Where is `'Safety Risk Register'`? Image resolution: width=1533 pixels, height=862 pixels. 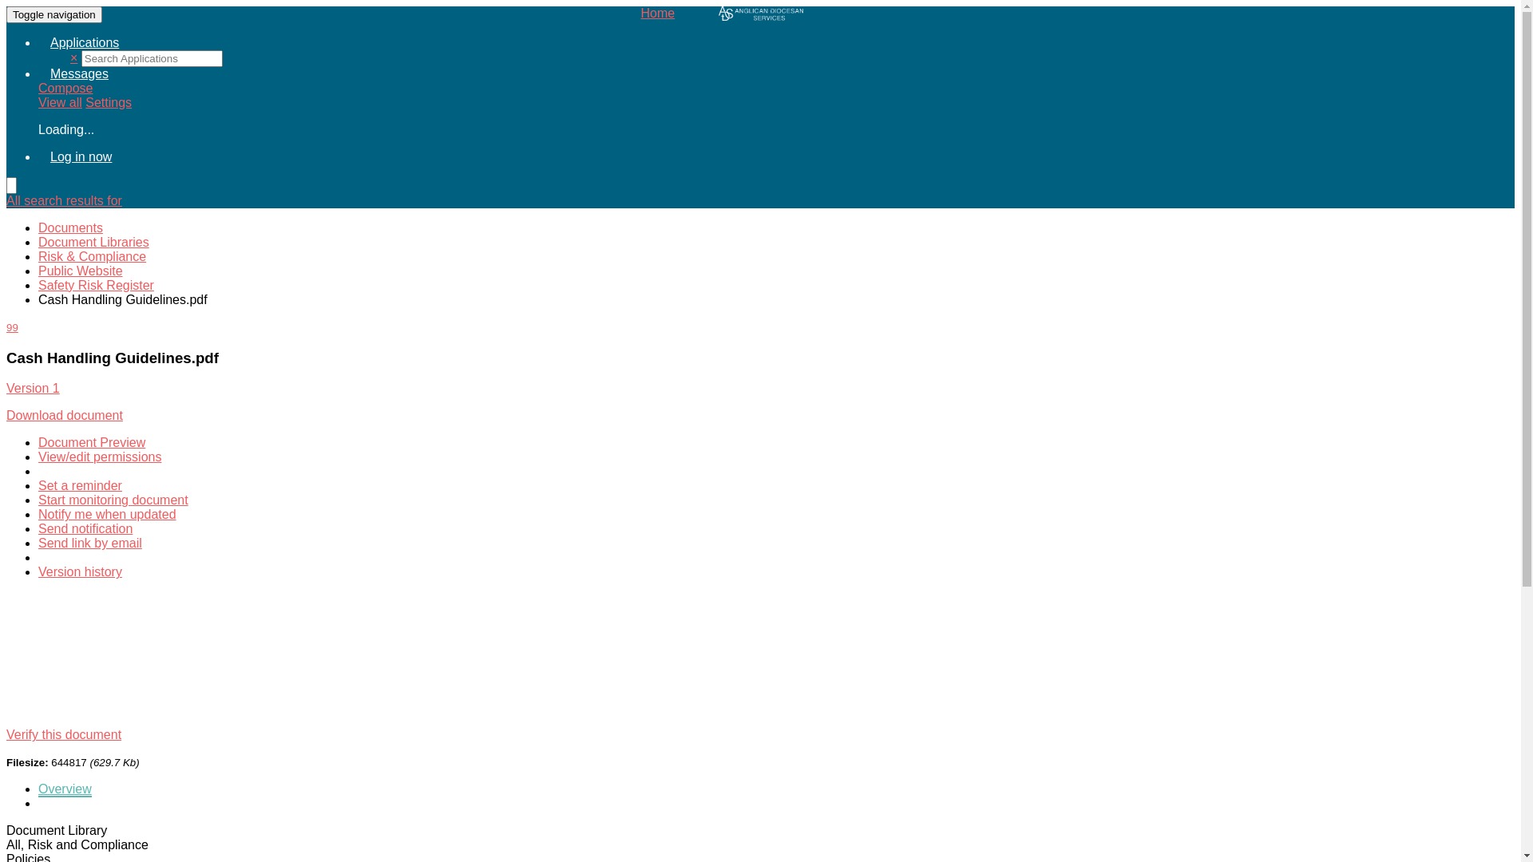 'Safety Risk Register' is located at coordinates (95, 284).